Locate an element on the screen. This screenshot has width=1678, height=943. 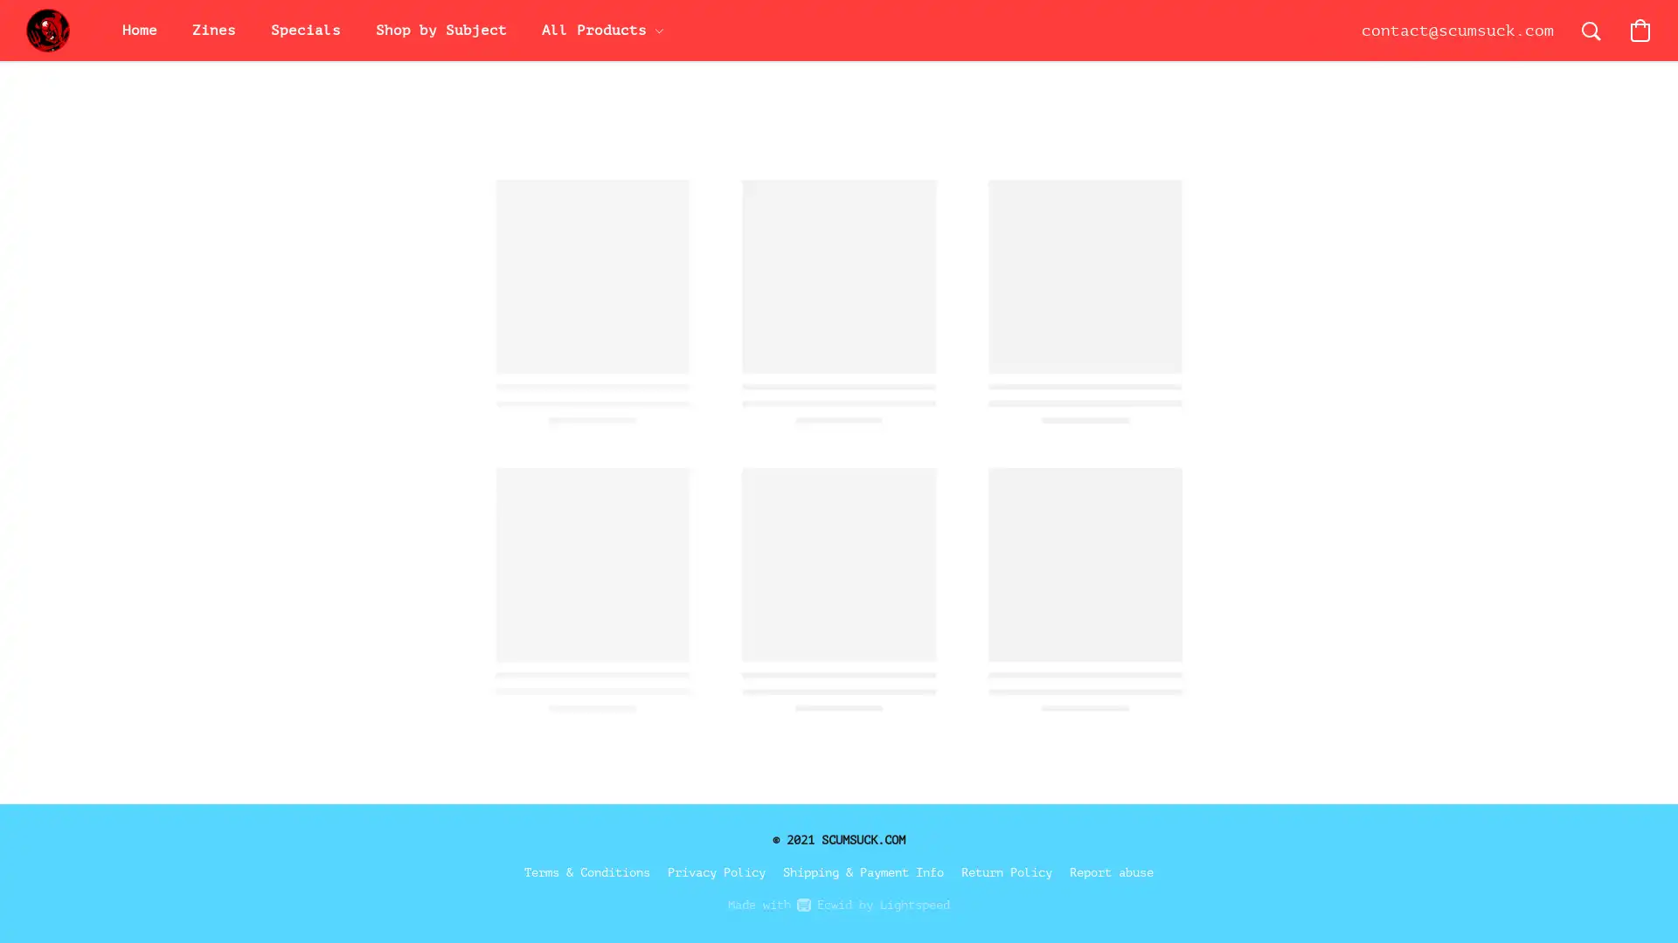
Search the website is located at coordinates (1591, 30).